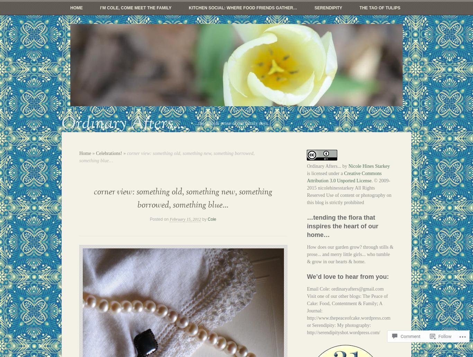 This screenshot has width=473, height=357. Describe the element at coordinates (185, 219) in the screenshot. I see `'February 15, 2012'` at that location.